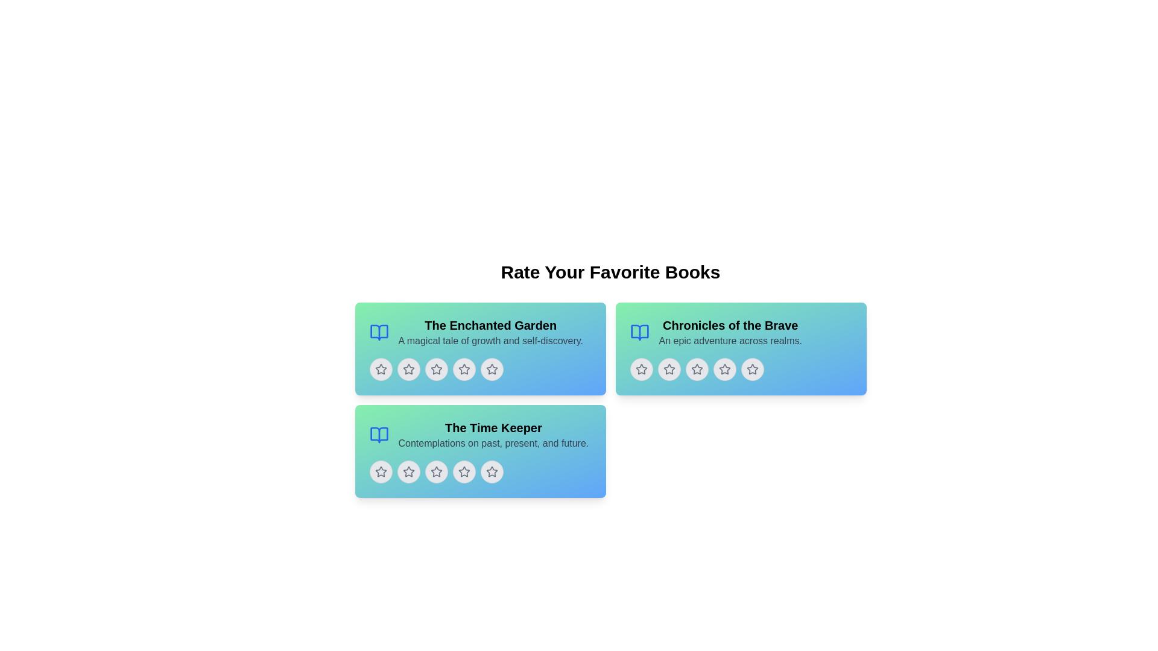 This screenshot has width=1158, height=651. Describe the element at coordinates (751, 369) in the screenshot. I see `the clickable star rating element located in the 'Chronicles of the Brave' rating section` at that location.